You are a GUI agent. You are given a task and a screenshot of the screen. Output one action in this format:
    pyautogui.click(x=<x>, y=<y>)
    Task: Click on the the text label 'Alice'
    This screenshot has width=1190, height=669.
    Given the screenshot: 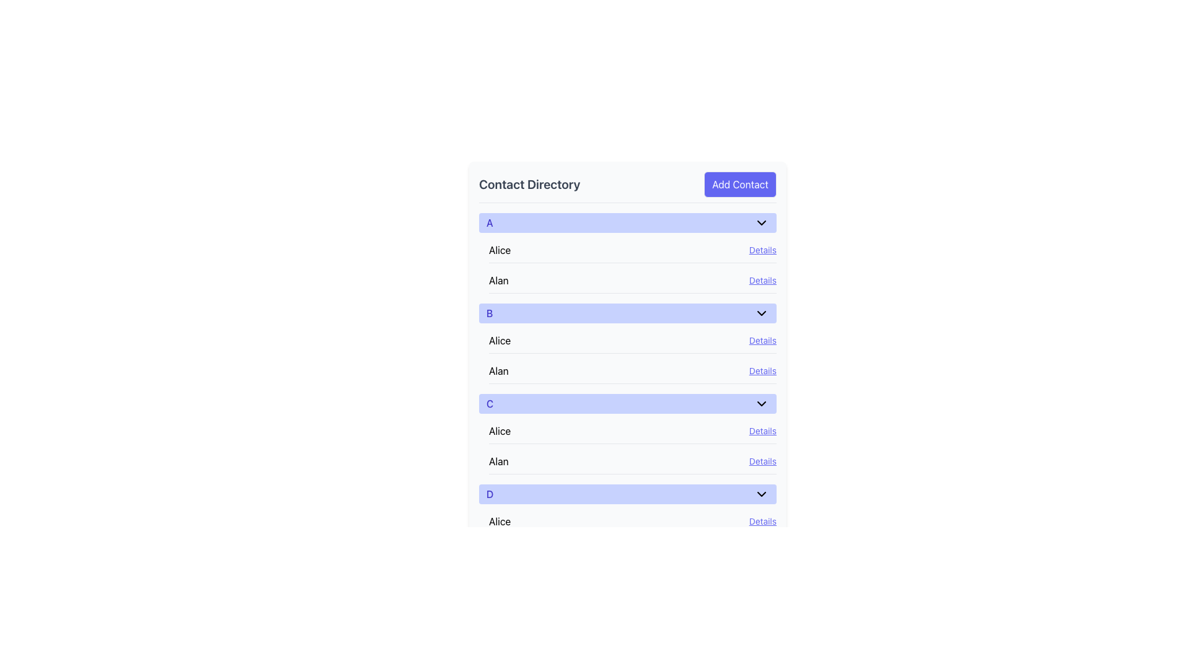 What is the action you would take?
    pyautogui.click(x=500, y=250)
    